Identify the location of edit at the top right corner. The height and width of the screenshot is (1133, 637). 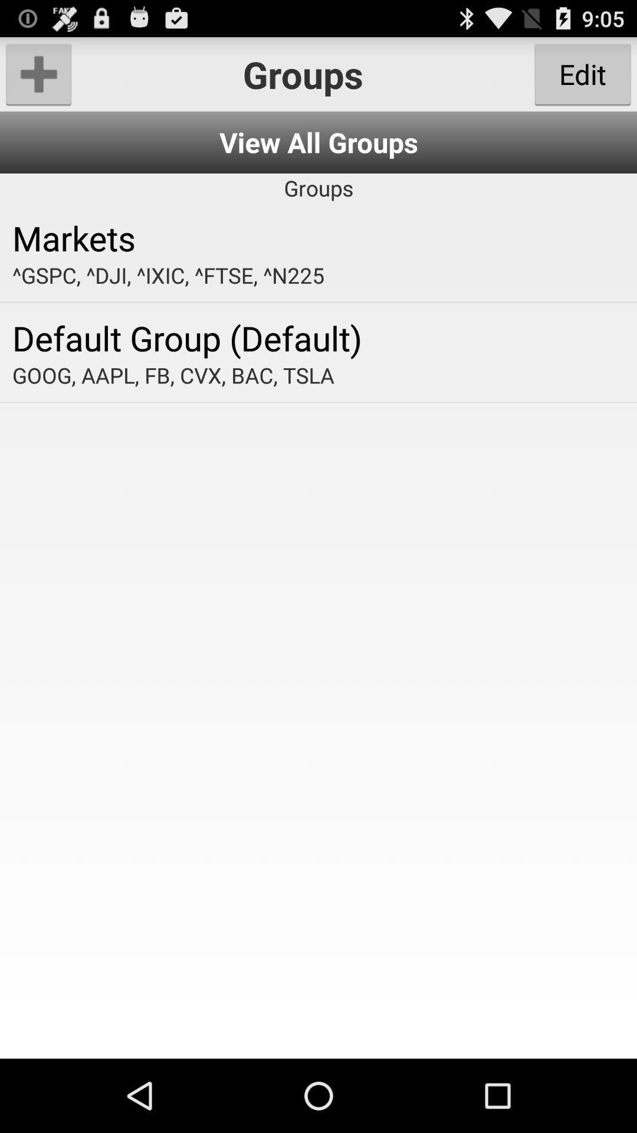
(582, 73).